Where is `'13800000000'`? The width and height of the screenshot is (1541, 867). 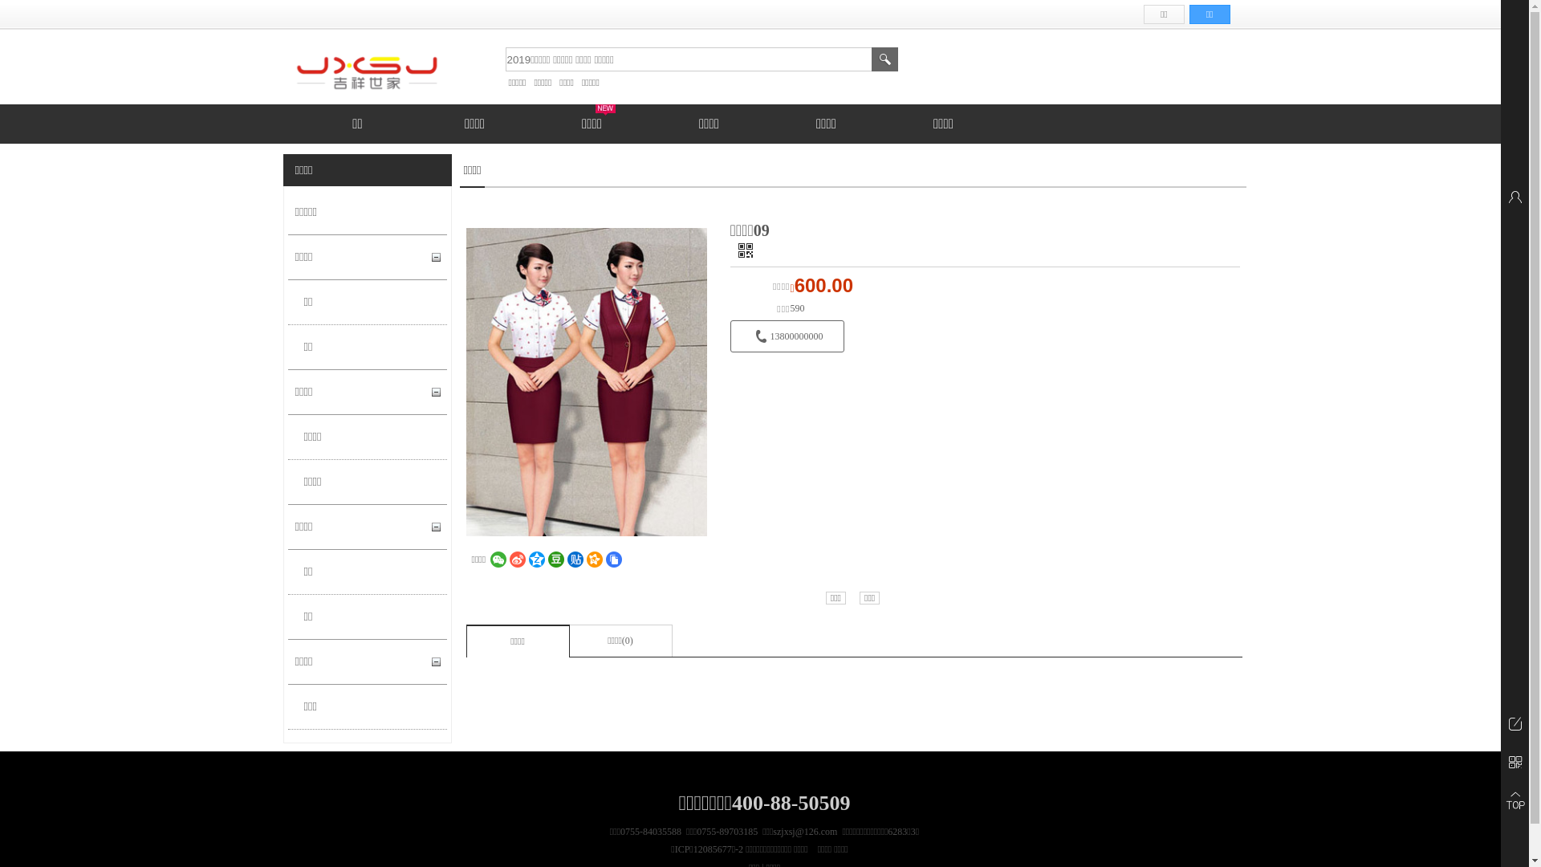
'13800000000' is located at coordinates (787, 336).